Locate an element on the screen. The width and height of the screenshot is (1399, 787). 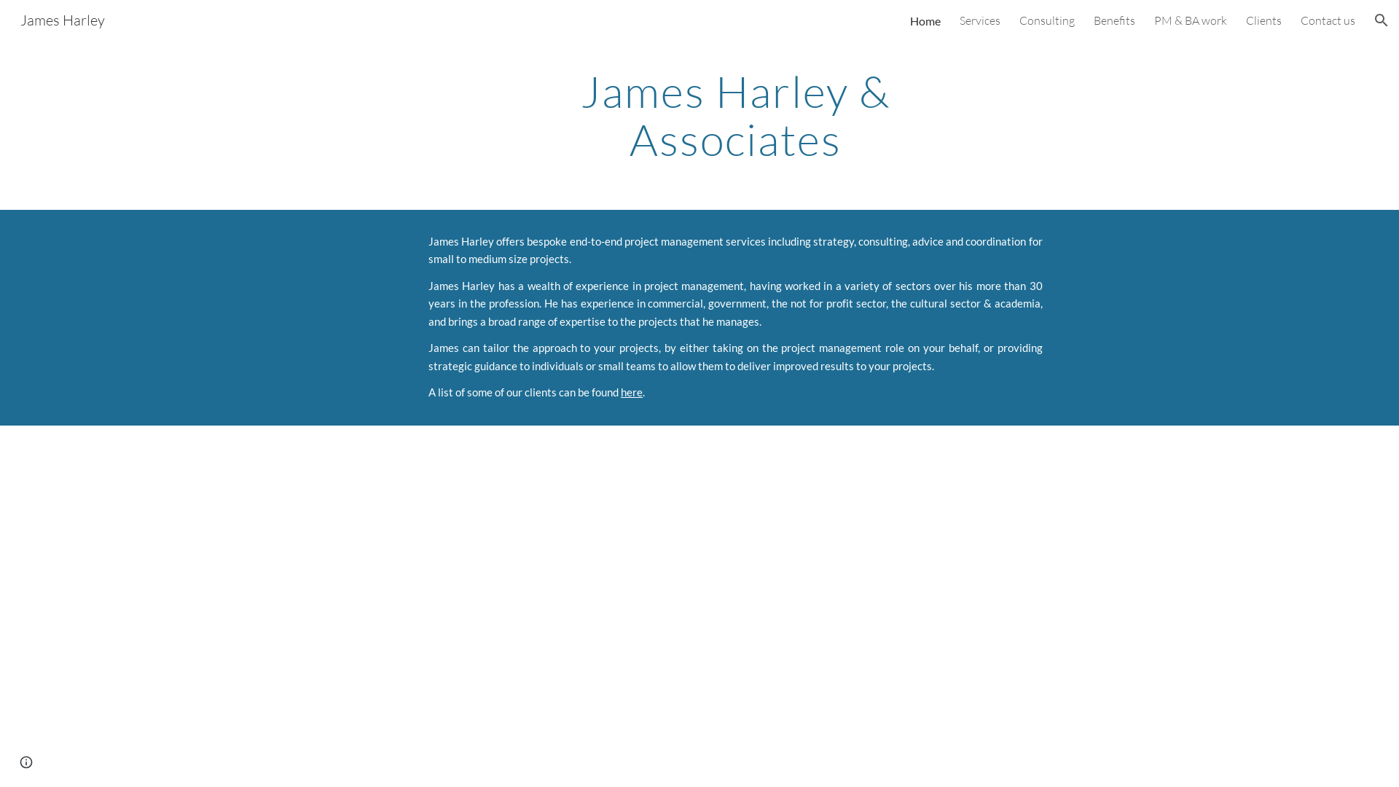
'Clients' is located at coordinates (1263, 20).